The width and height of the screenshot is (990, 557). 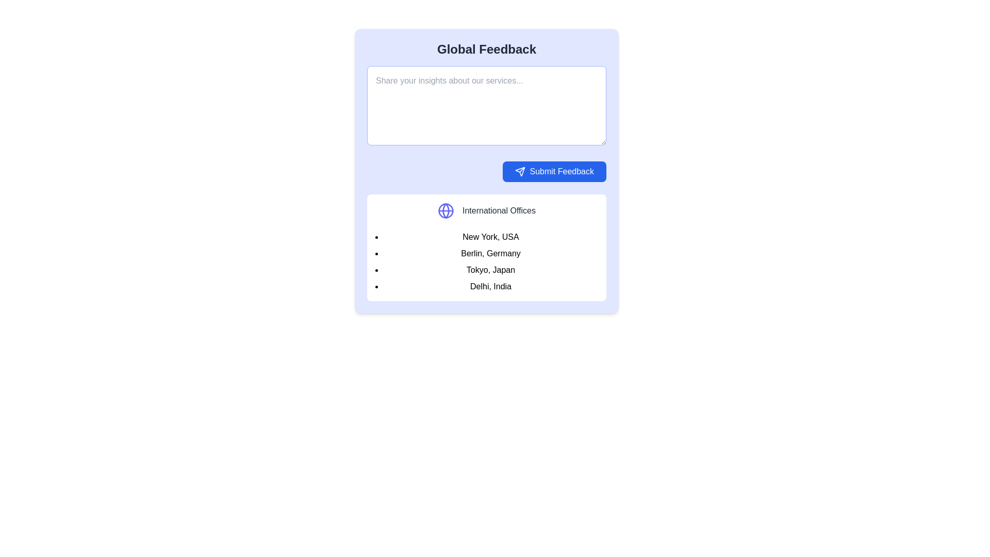 I want to click on the second item in the vertically arranged bulleted list that represents the office location in Berlin, Germany, located under 'International Offices' heading, so click(x=490, y=254).